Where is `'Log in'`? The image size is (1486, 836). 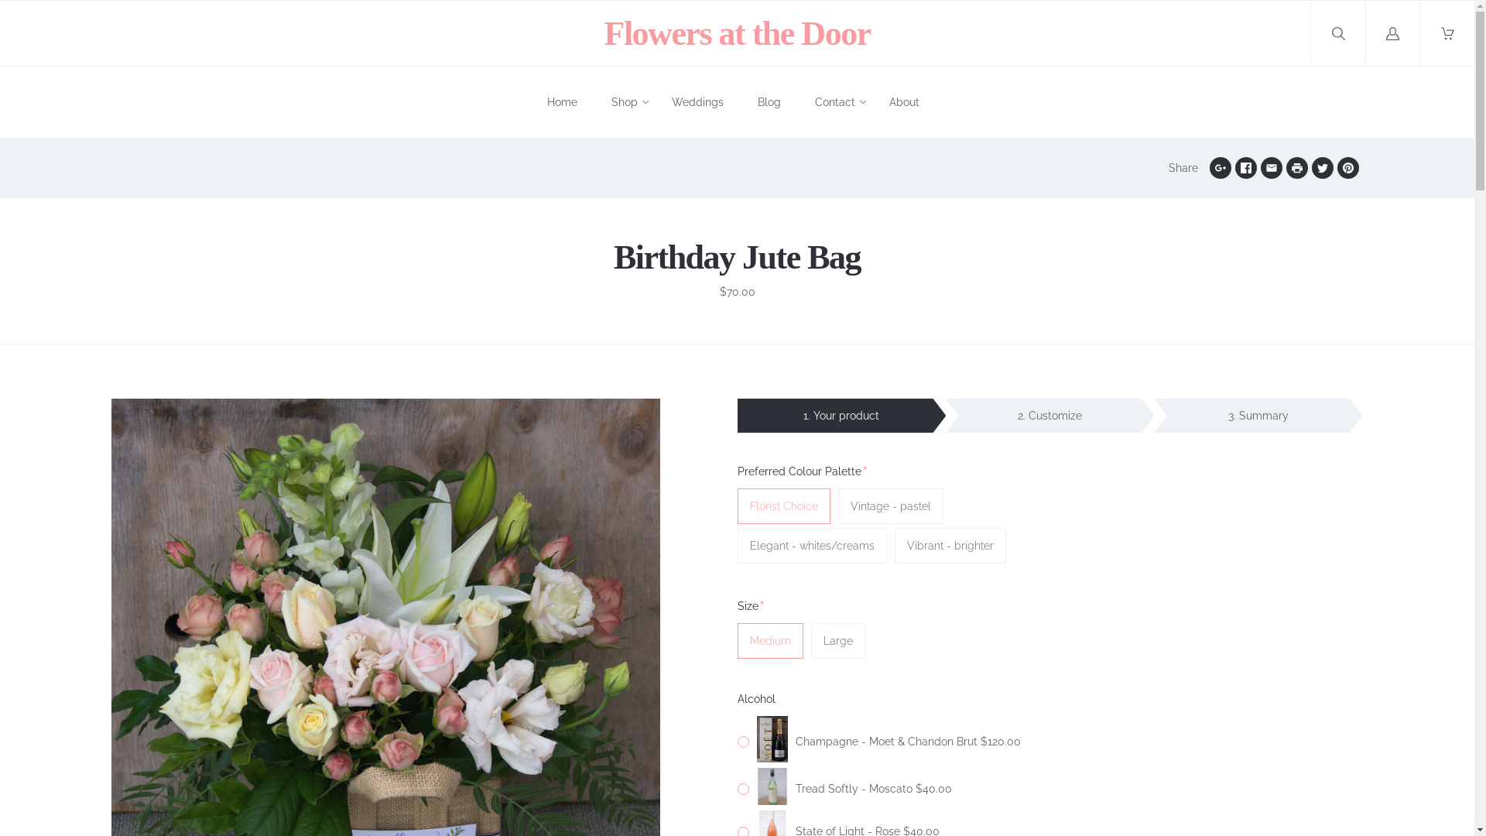
'Log in' is located at coordinates (1366, 33).